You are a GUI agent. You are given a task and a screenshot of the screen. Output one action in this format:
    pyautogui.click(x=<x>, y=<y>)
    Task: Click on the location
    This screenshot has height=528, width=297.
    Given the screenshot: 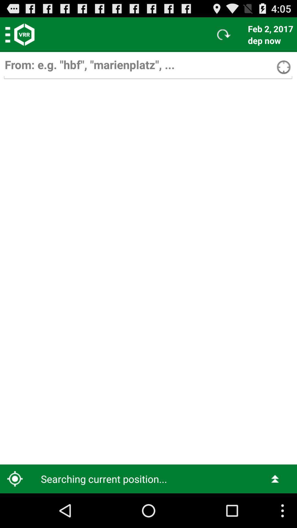 What is the action you would take?
    pyautogui.click(x=148, y=67)
    